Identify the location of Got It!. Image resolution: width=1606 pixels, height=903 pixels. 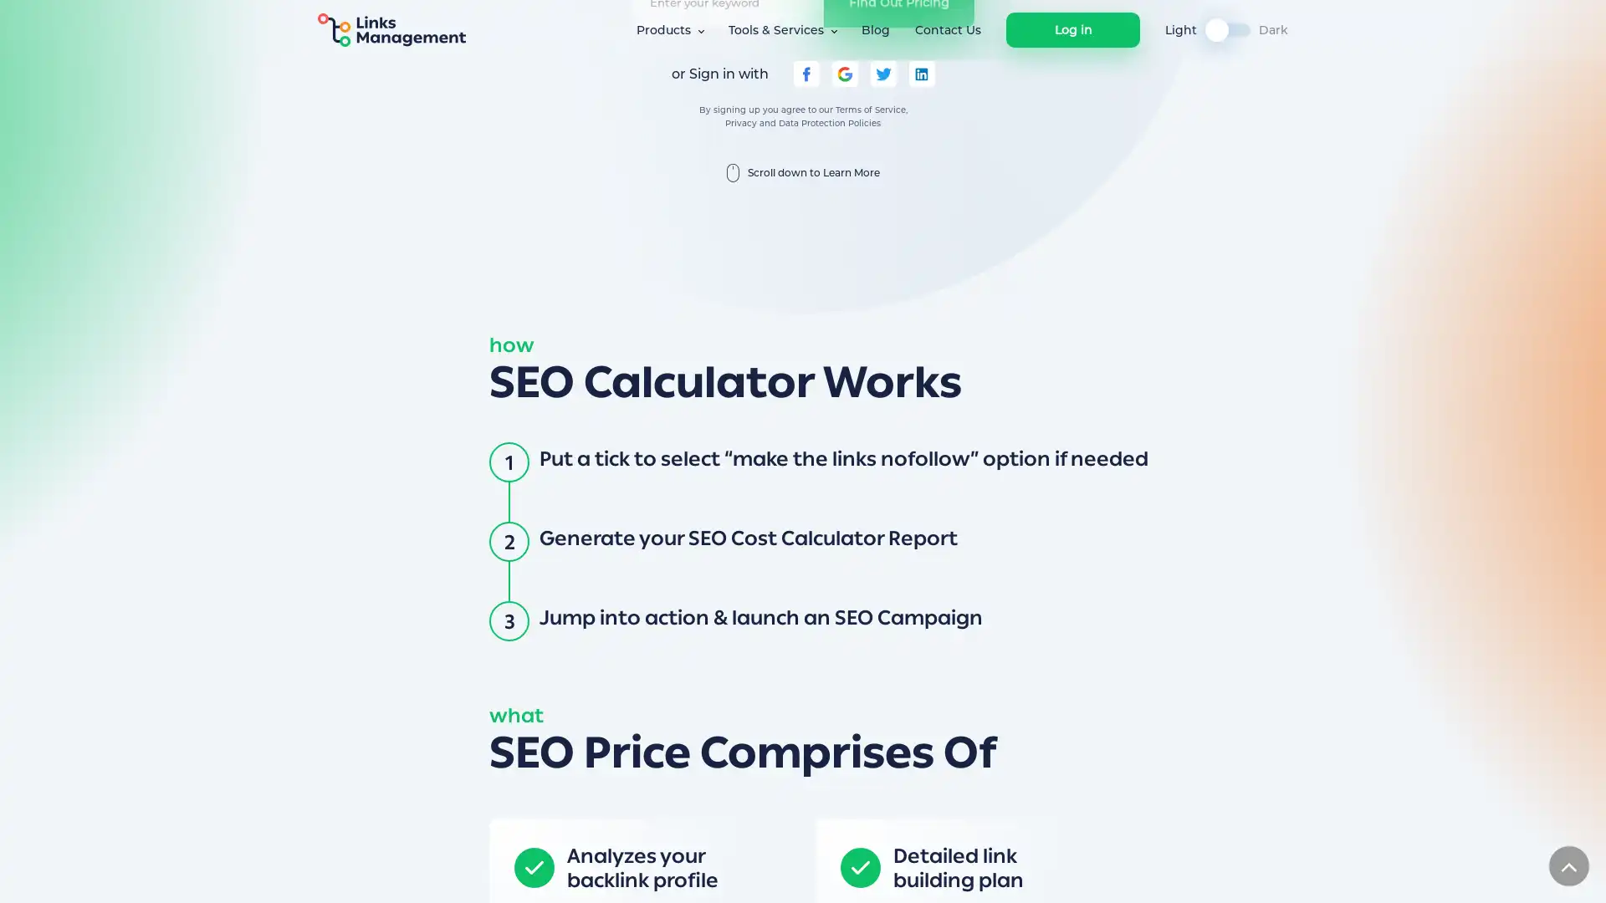
(1131, 873).